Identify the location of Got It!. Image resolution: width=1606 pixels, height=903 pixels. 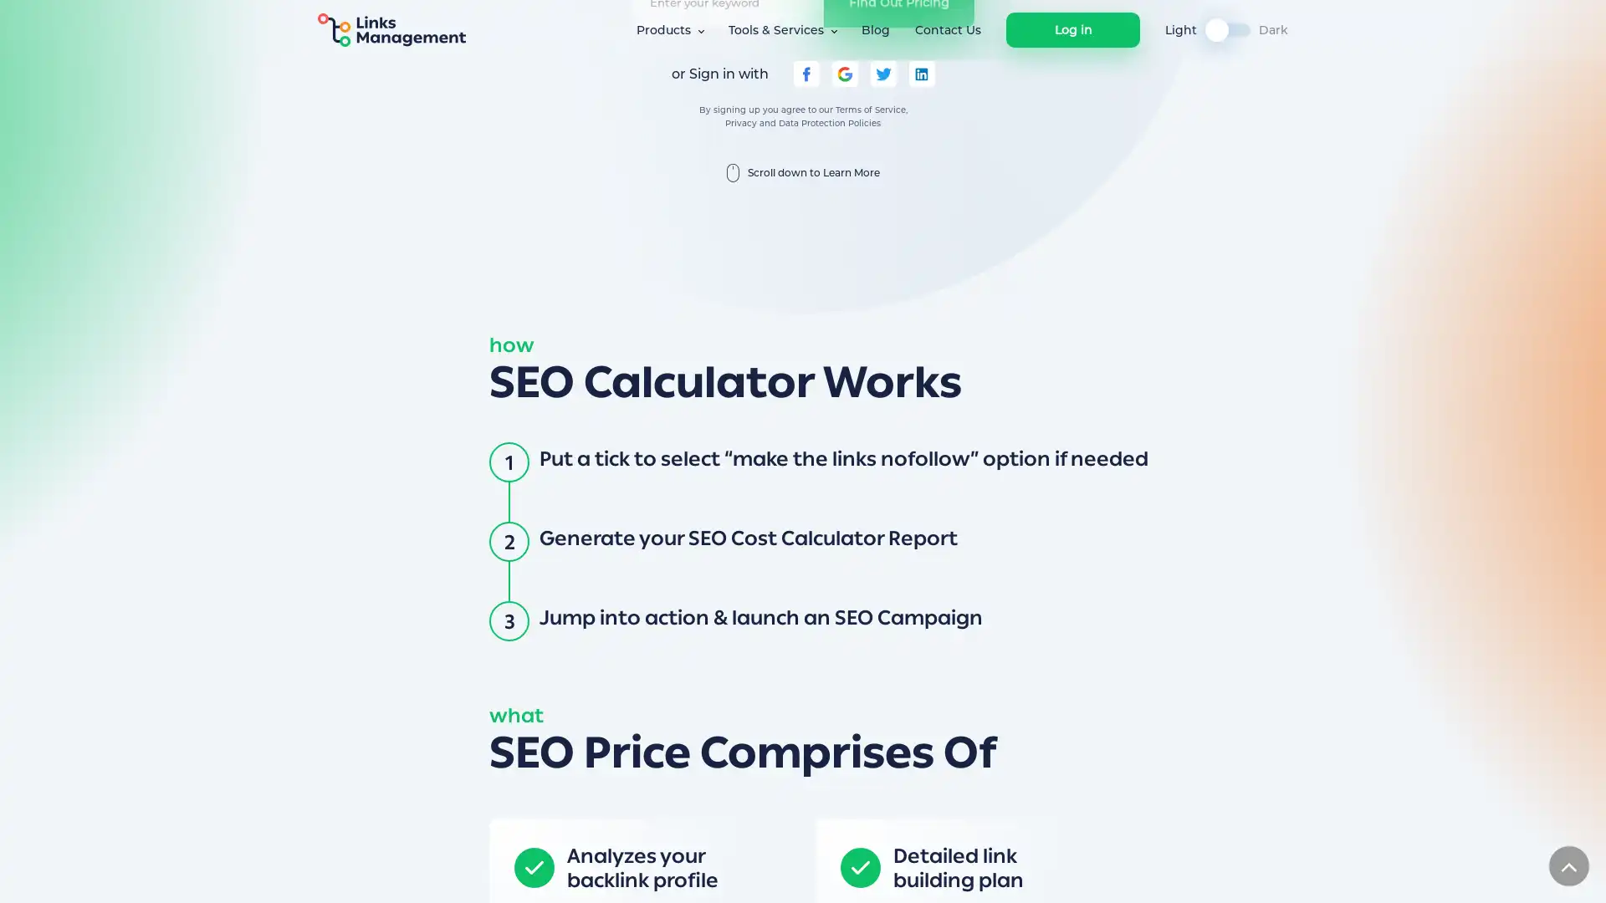
(1131, 873).